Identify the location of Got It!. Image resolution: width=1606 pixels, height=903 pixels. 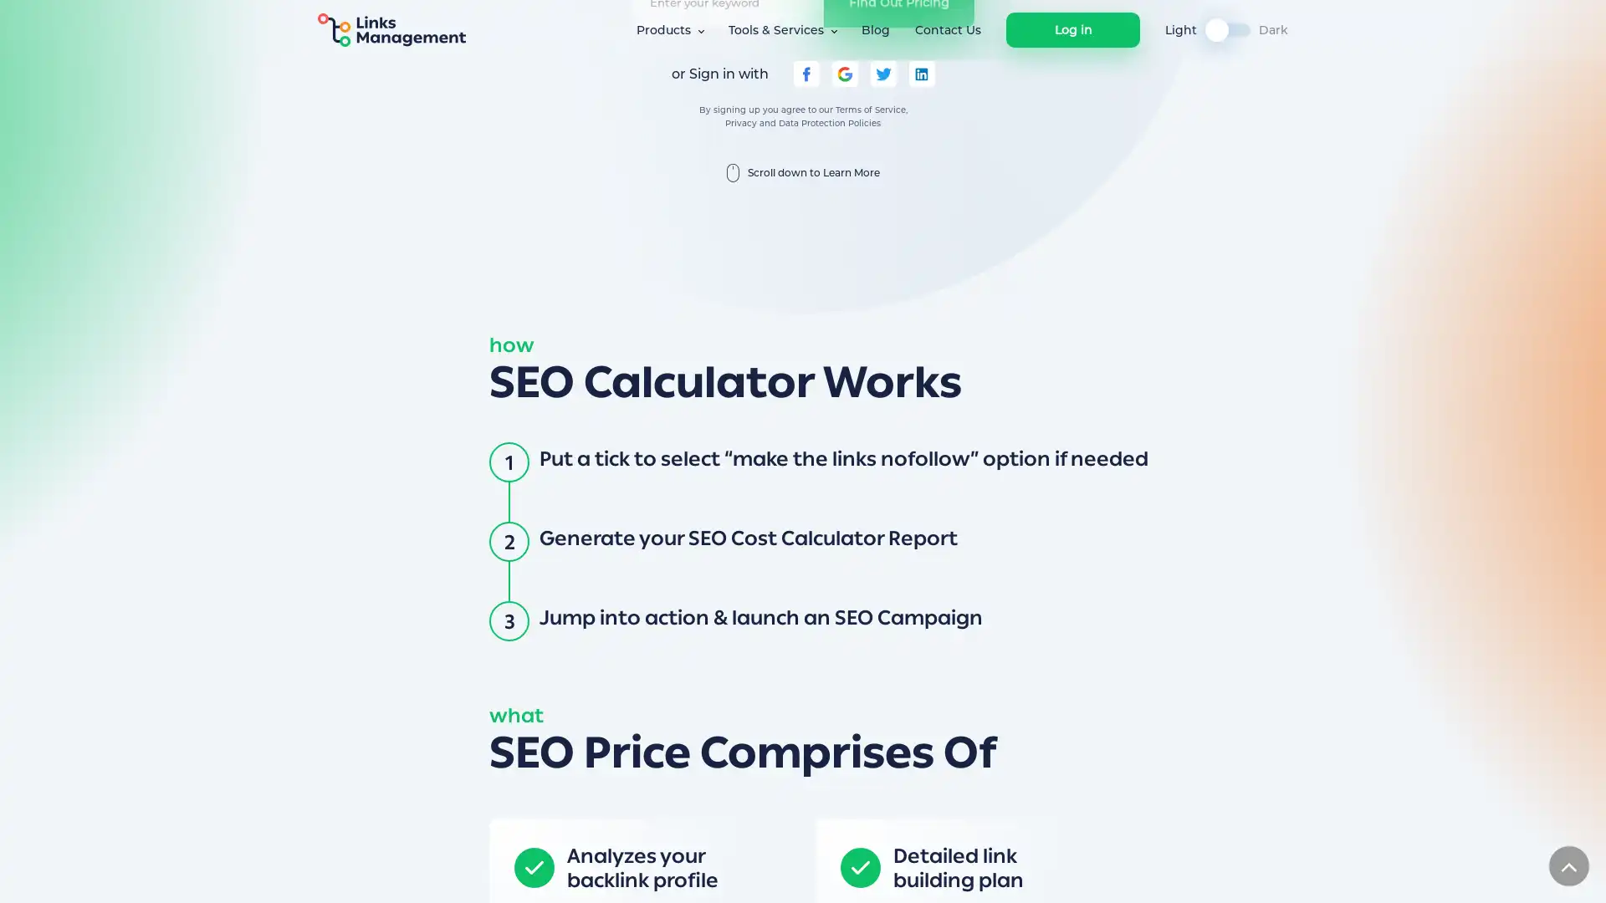
(1131, 873).